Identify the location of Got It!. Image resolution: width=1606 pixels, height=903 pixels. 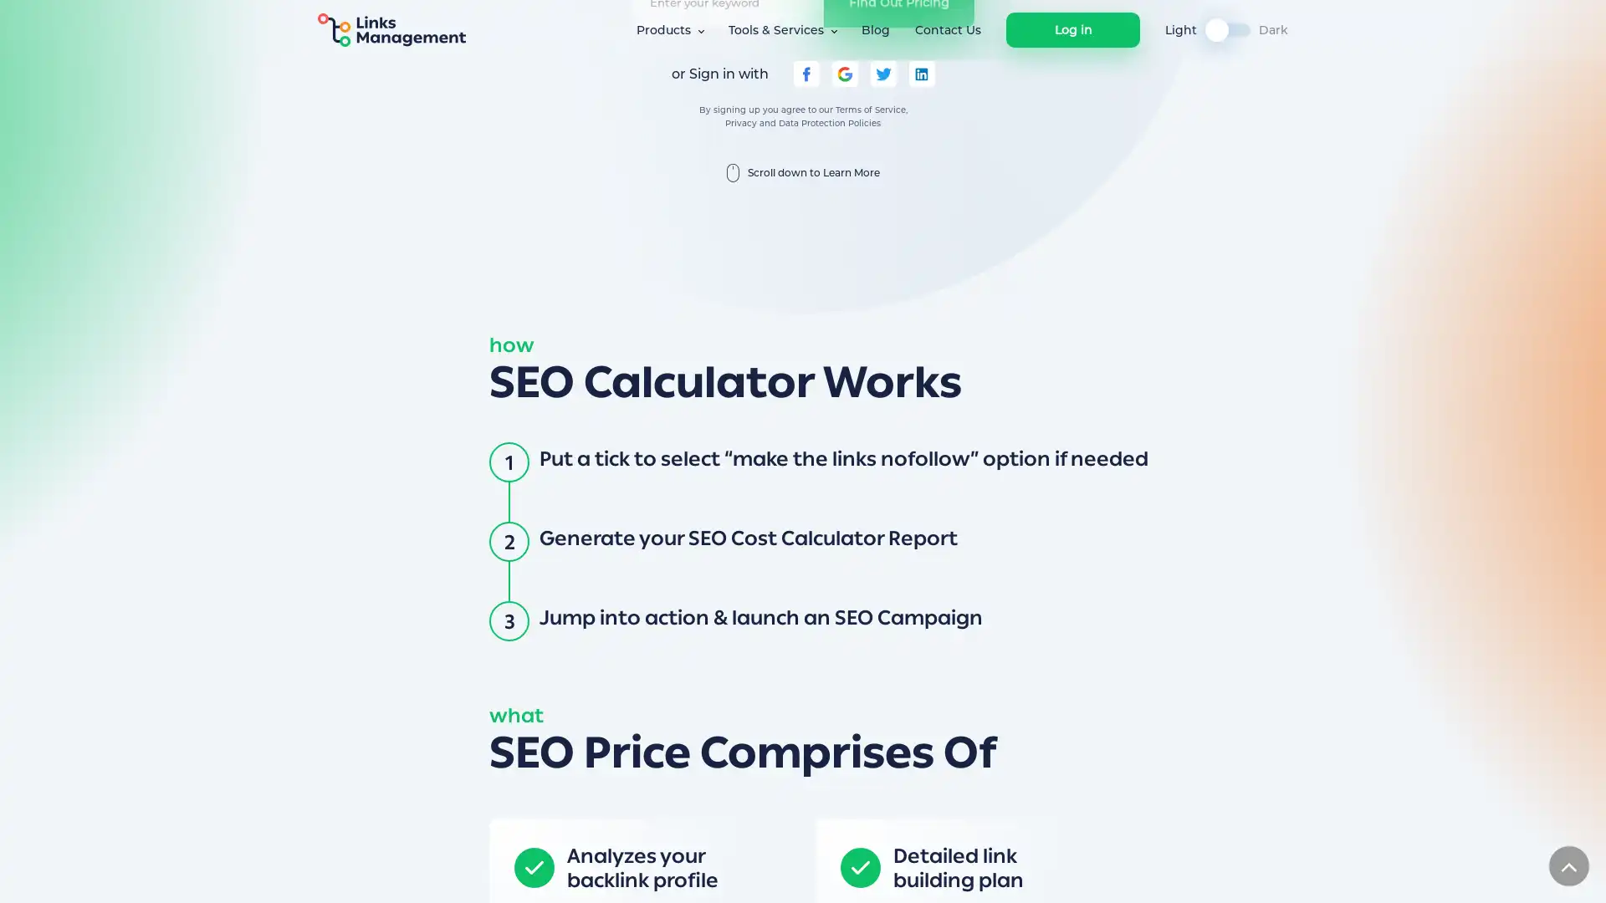
(1131, 873).